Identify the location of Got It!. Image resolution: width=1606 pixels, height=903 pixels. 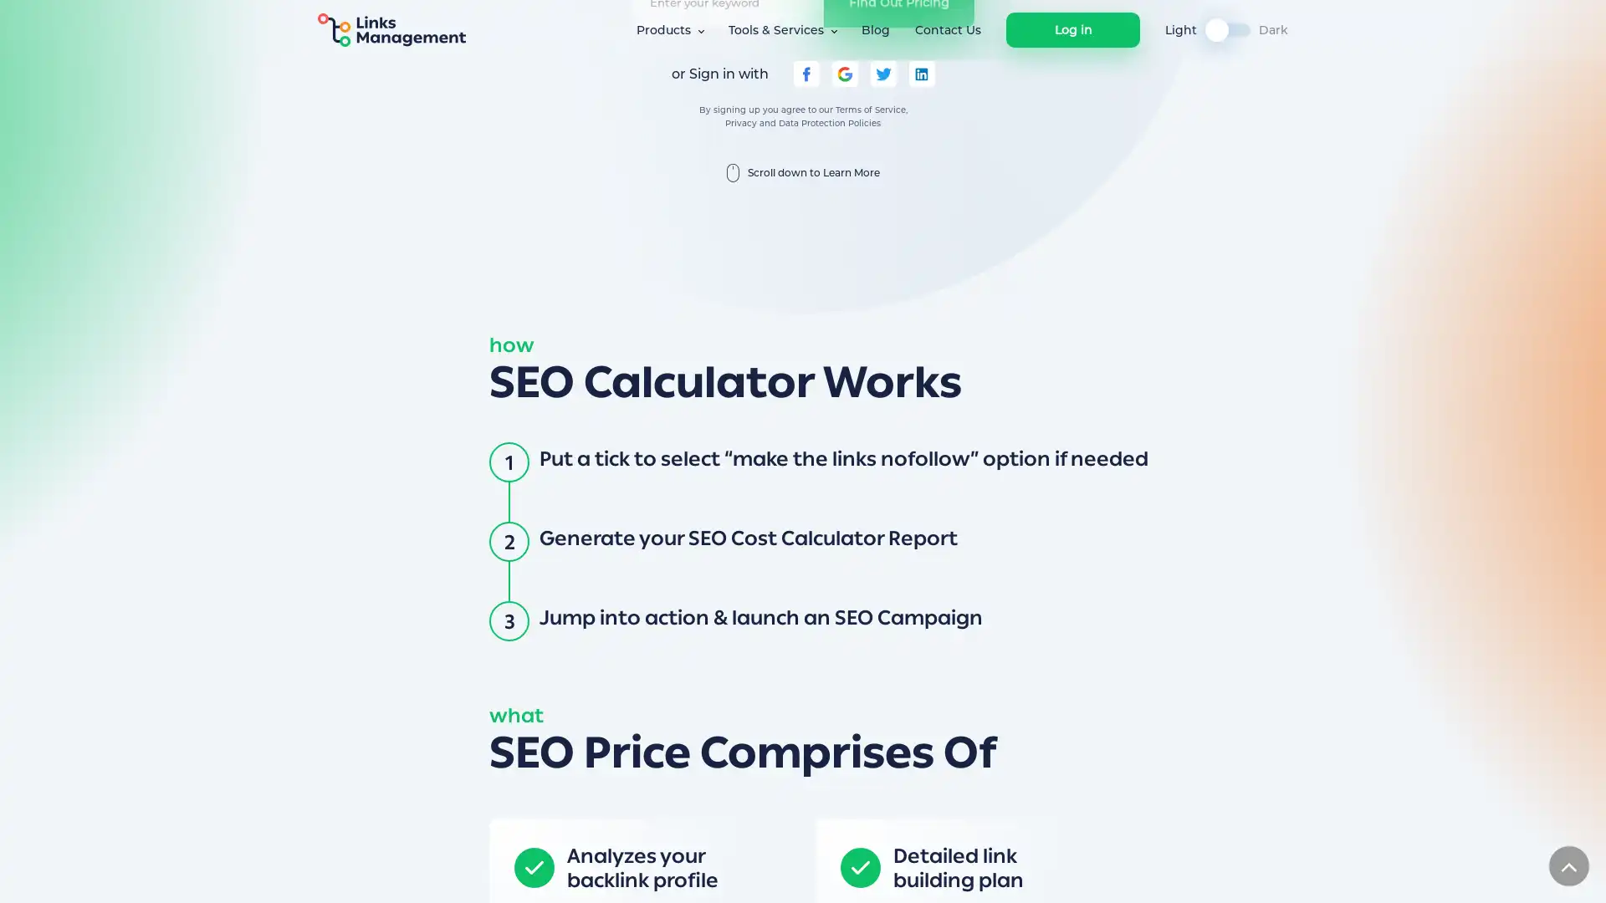
(1131, 873).